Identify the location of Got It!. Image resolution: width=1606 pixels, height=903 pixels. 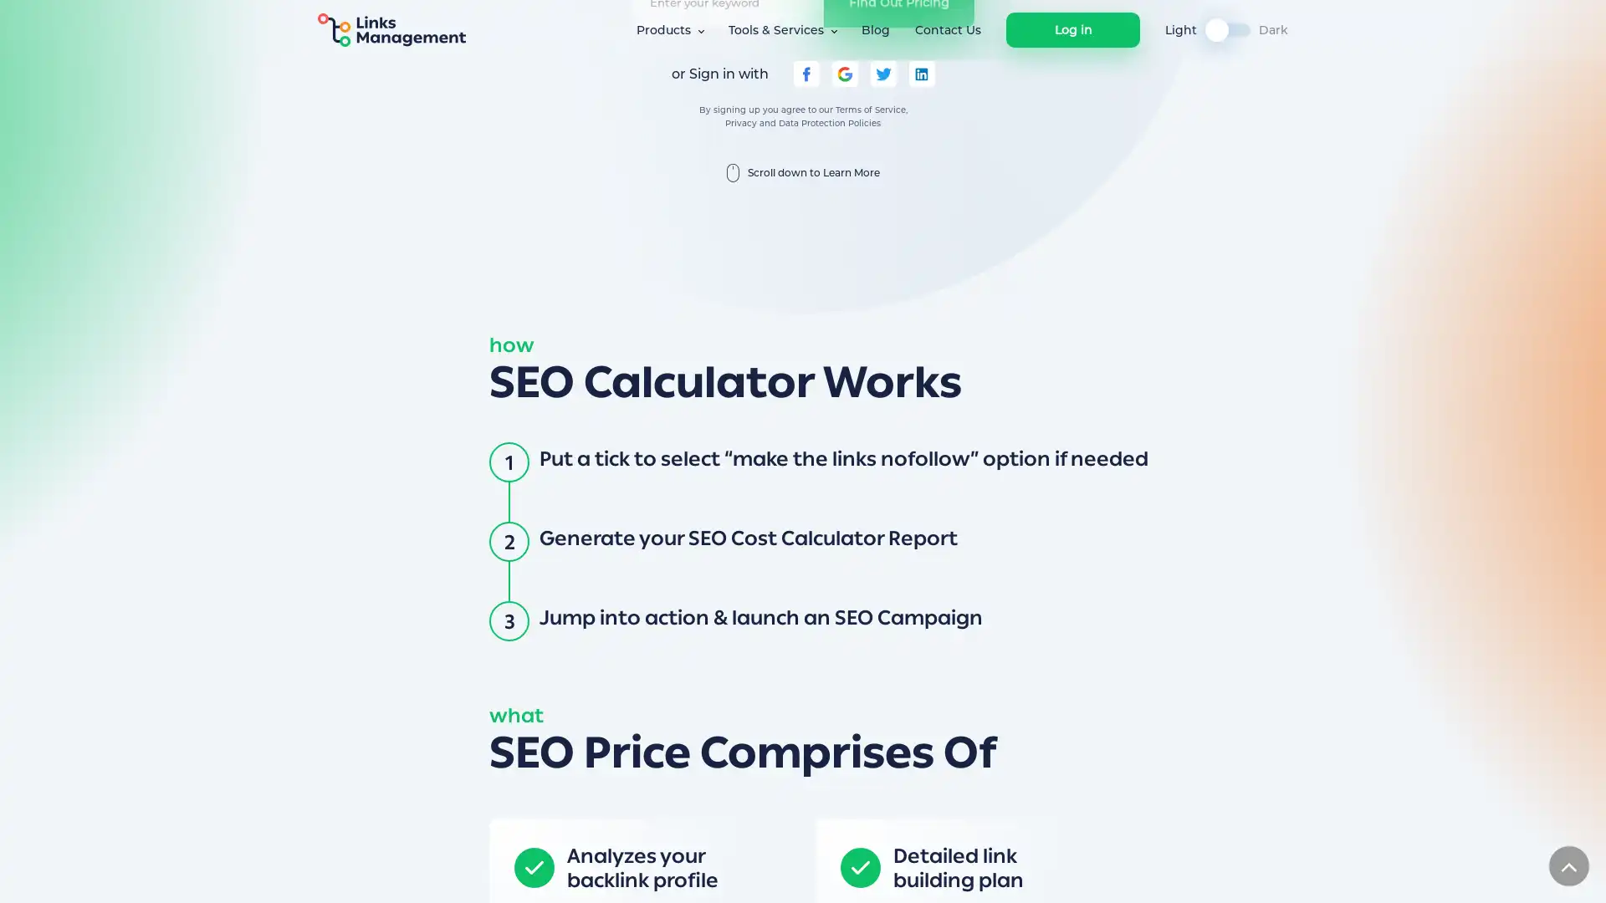
(1131, 873).